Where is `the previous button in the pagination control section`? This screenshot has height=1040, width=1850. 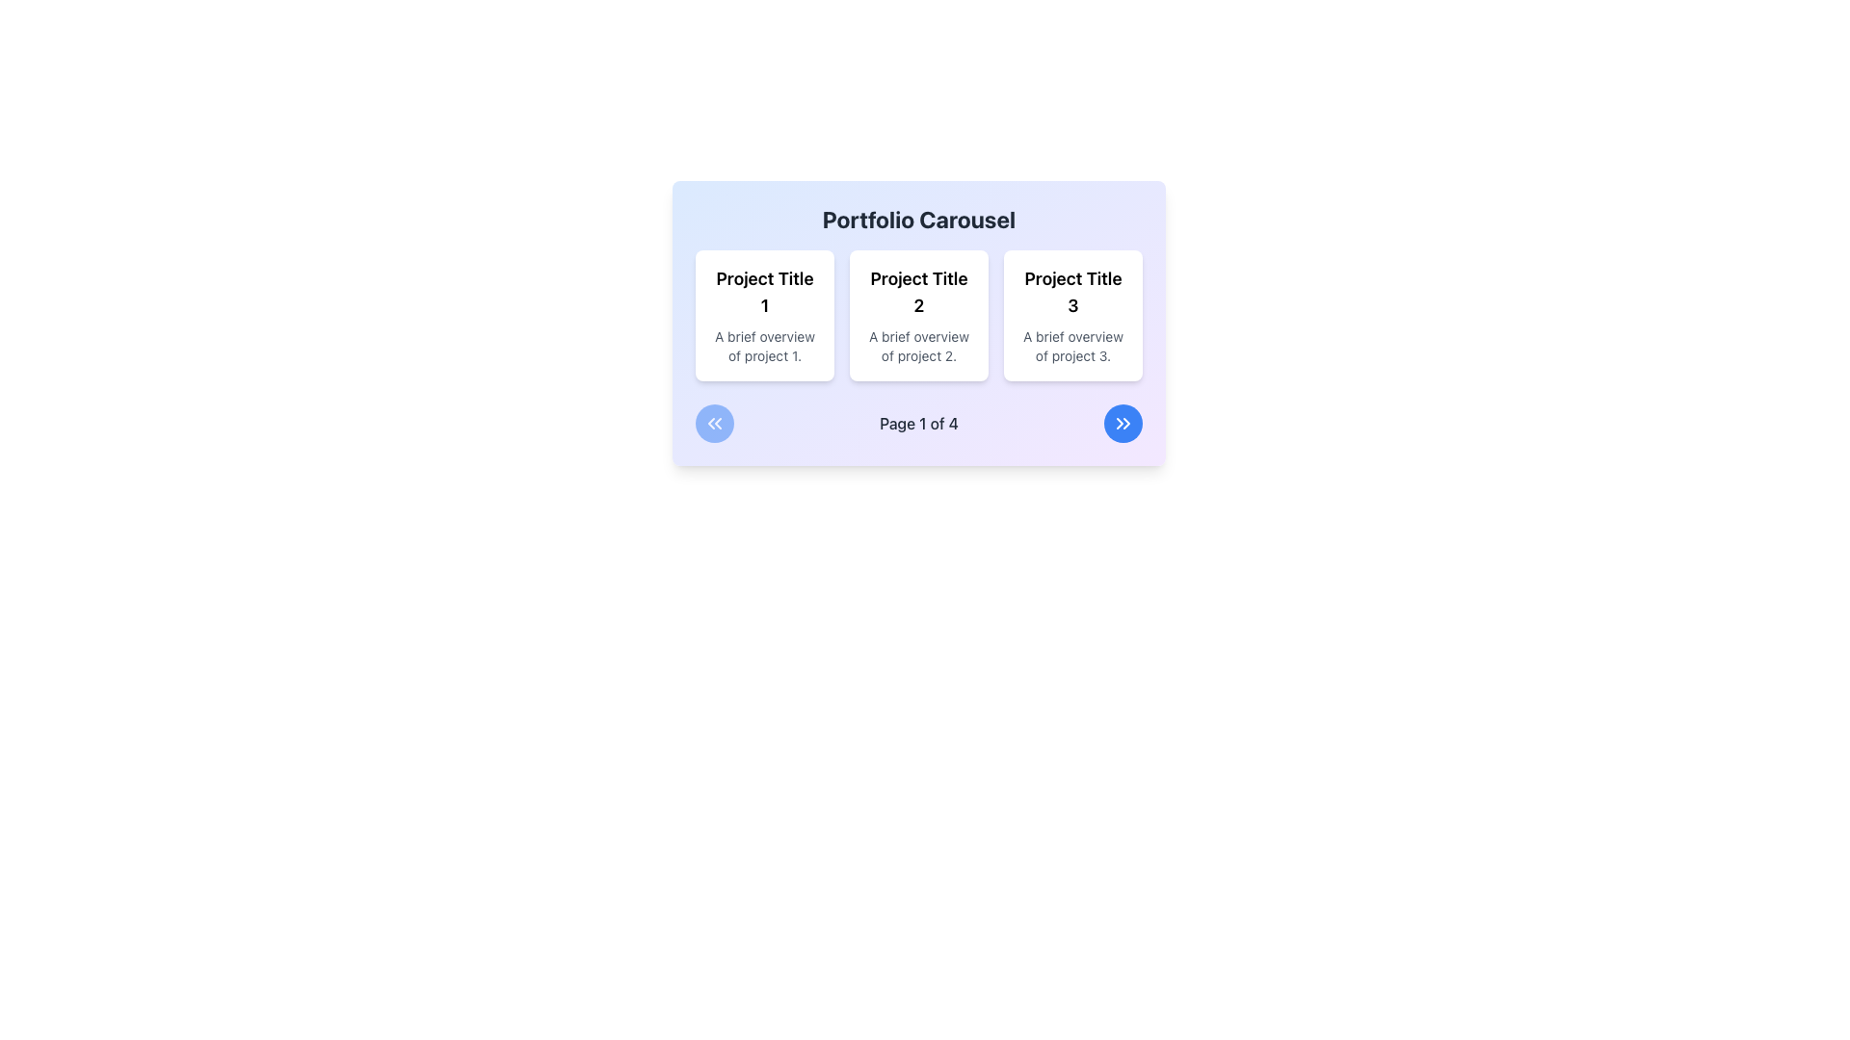 the previous button in the pagination control section is located at coordinates (714, 422).